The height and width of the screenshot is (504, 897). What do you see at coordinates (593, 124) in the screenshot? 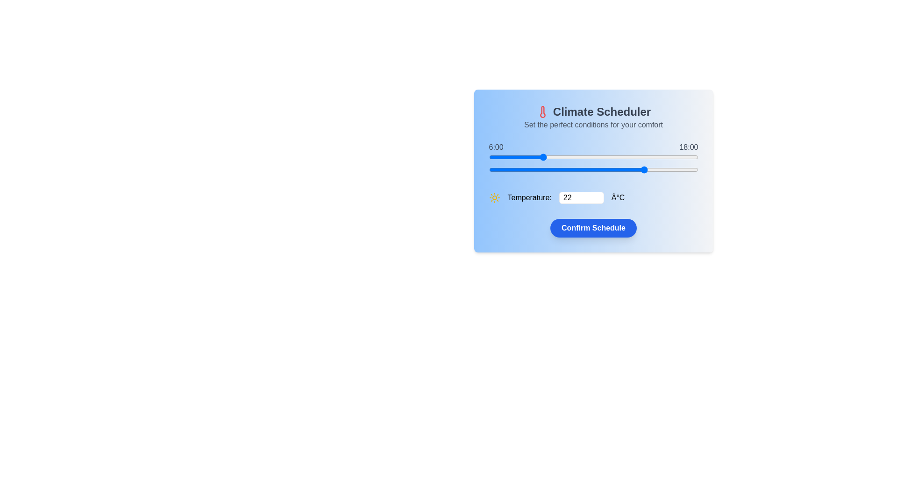
I see `the static text displaying 'Set the perfect conditions for your comfort', which is located beneath the 'Climate Scheduler' header` at bounding box center [593, 124].